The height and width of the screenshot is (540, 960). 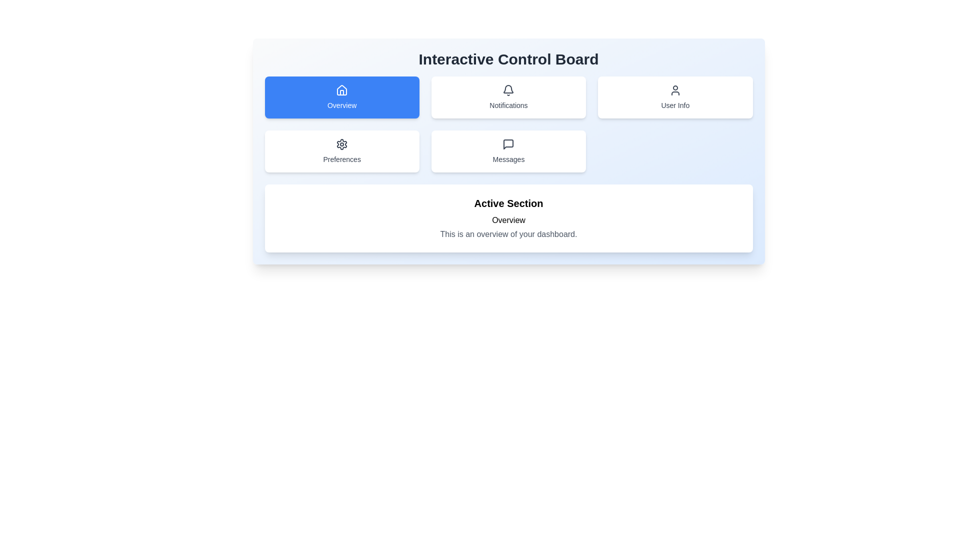 I want to click on the 'Messages' icon, which represents the communication functionality and is centrally located within the 'Messages' button in the bottom row of the button layout, so click(x=508, y=144).